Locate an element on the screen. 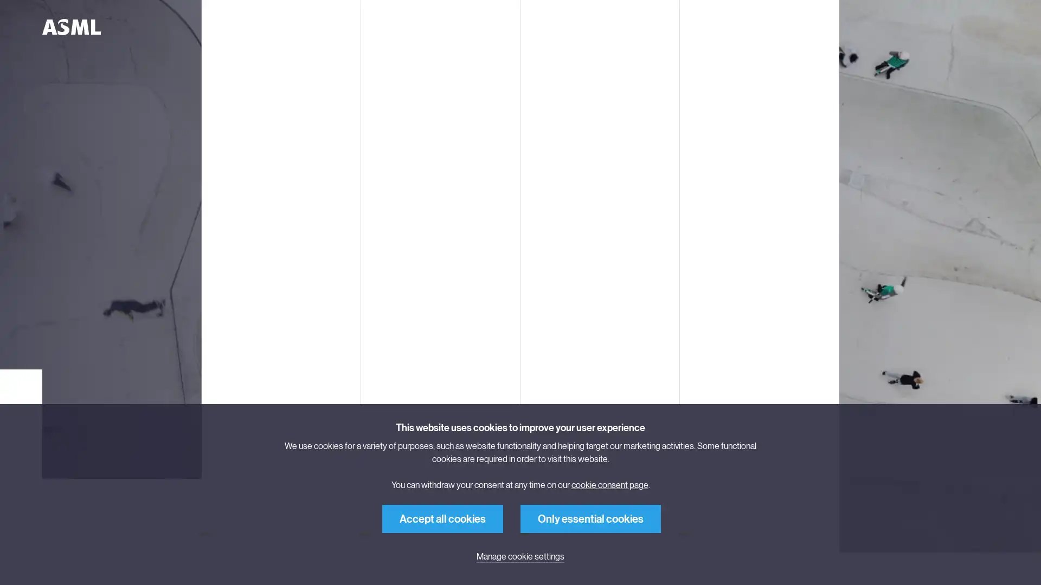 The width and height of the screenshot is (1041, 585). Accept all cookies is located at coordinates (442, 518).